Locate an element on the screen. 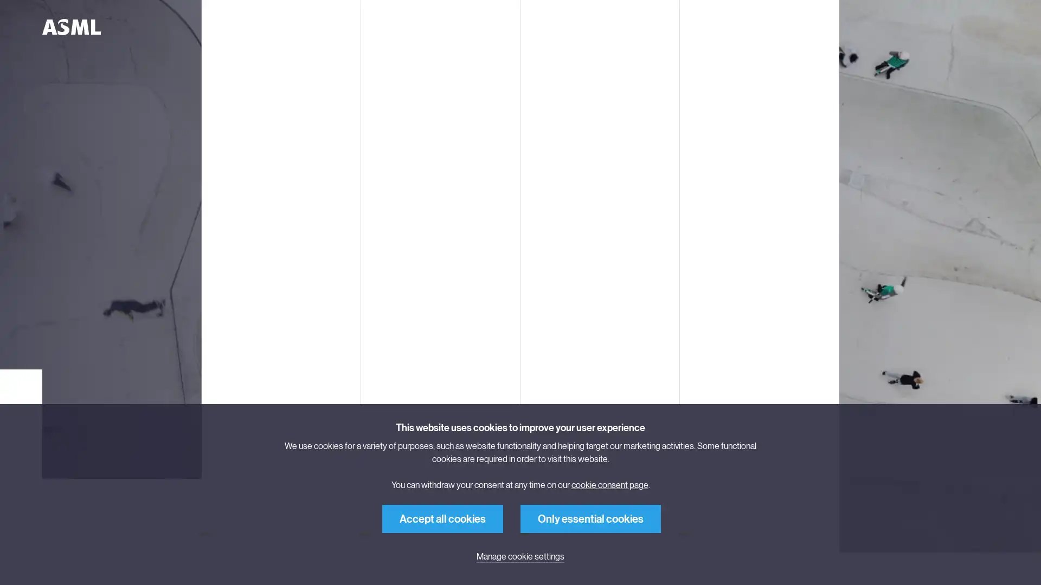 The width and height of the screenshot is (1041, 585). Accept all cookies is located at coordinates (442, 518).